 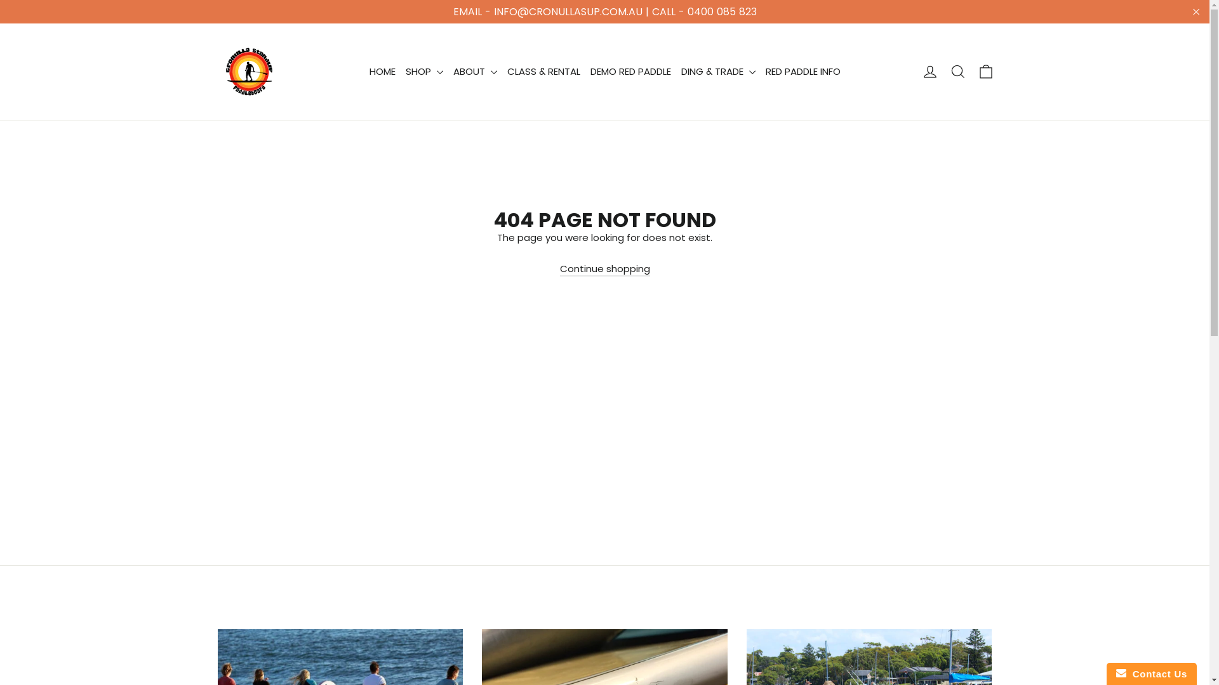 I want to click on 'RED PADDLE INFO', so click(x=803, y=71).